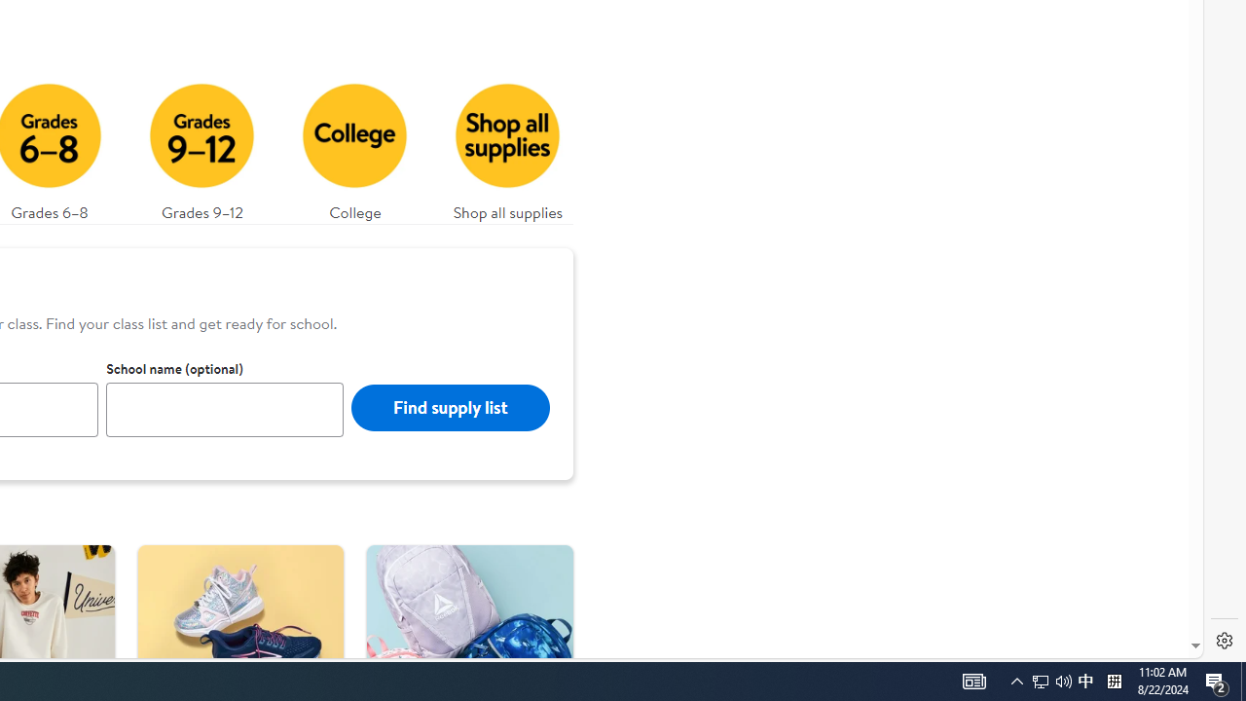 Image resolution: width=1246 pixels, height=701 pixels. What do you see at coordinates (354, 146) in the screenshot?
I see `'College'` at bounding box center [354, 146].